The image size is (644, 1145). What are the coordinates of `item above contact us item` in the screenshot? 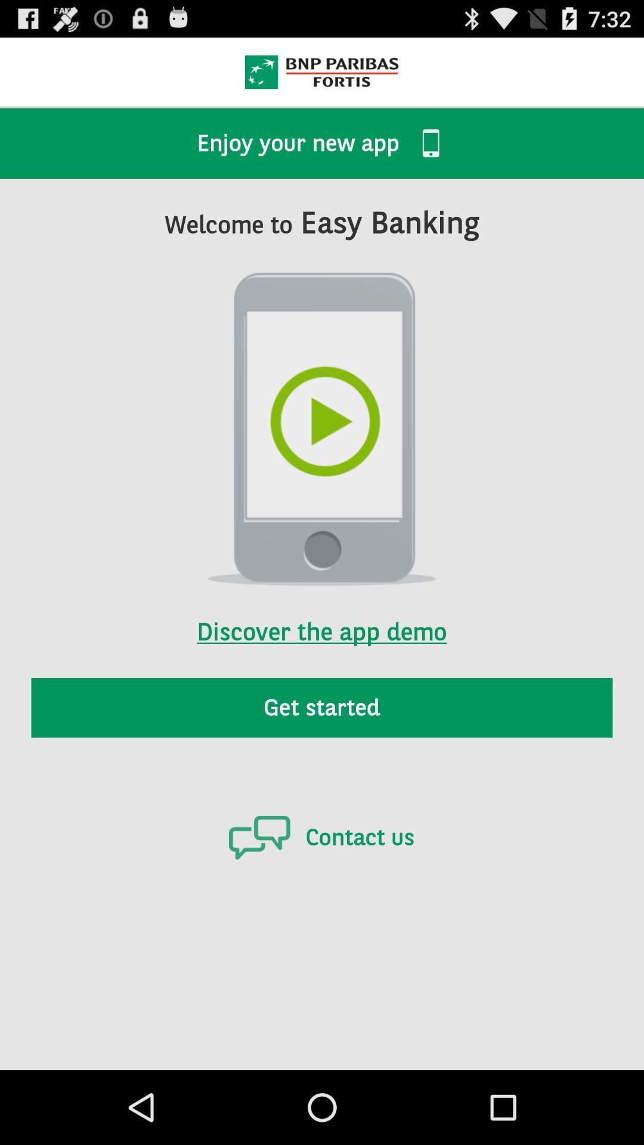 It's located at (322, 707).